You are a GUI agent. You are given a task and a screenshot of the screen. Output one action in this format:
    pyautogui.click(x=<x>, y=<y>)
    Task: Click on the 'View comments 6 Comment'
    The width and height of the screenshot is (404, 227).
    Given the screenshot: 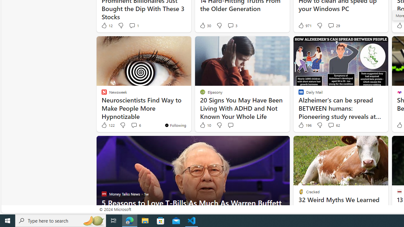 What is the action you would take?
    pyautogui.click(x=134, y=125)
    